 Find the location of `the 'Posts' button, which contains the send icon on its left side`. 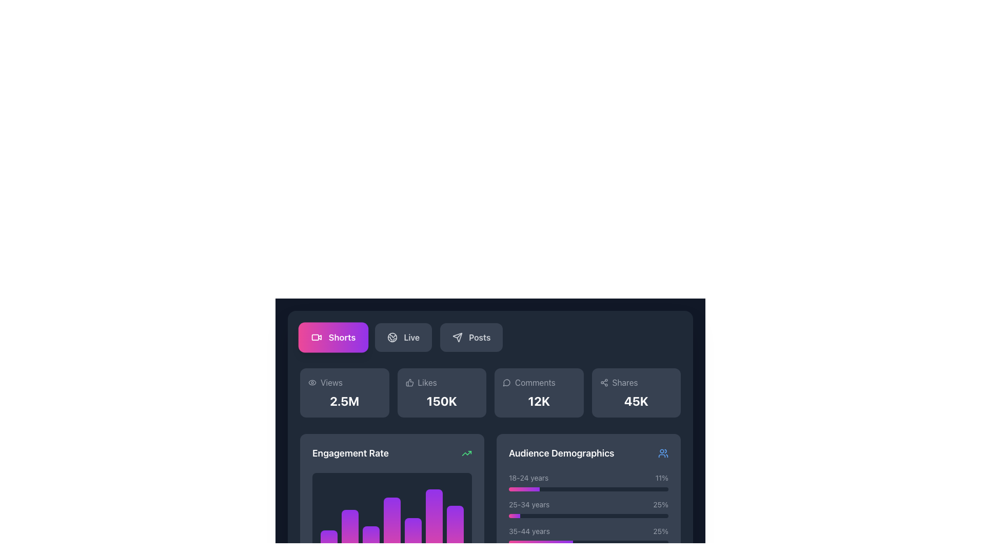

the 'Posts' button, which contains the send icon on its left side is located at coordinates (457, 338).